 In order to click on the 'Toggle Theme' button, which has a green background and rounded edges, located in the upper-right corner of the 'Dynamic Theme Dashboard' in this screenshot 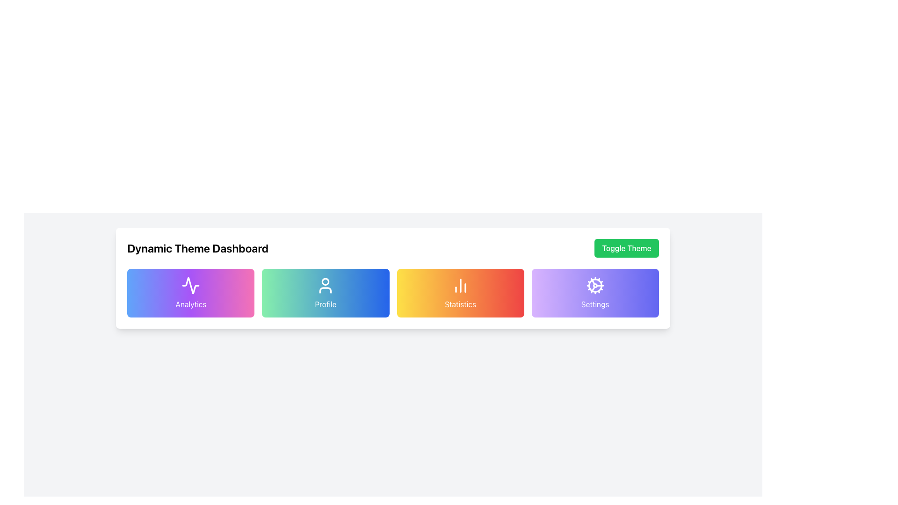, I will do `click(626, 248)`.